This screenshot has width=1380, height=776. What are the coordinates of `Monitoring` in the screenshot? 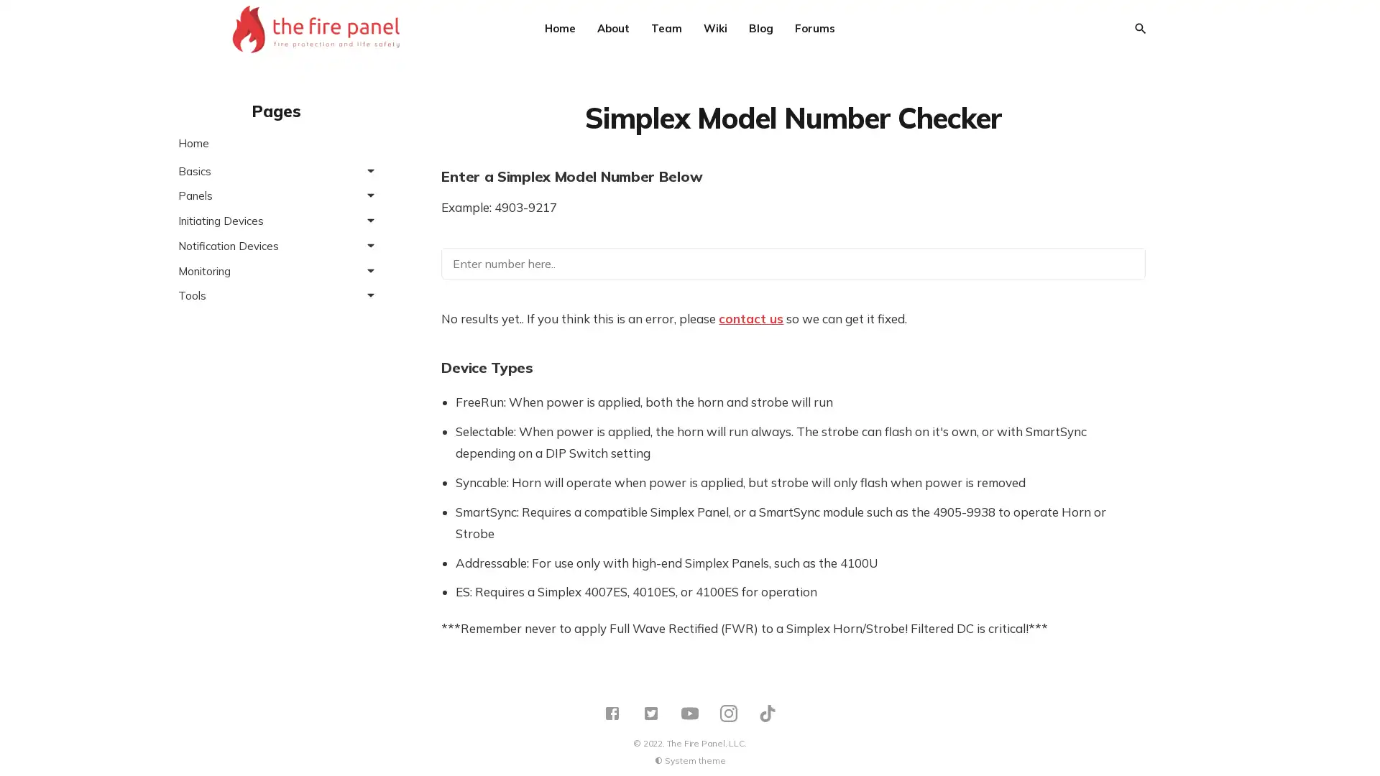 It's located at (276, 270).